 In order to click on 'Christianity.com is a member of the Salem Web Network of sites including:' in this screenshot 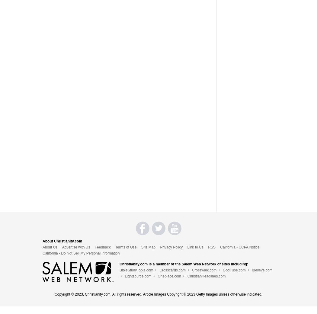, I will do `click(184, 264)`.